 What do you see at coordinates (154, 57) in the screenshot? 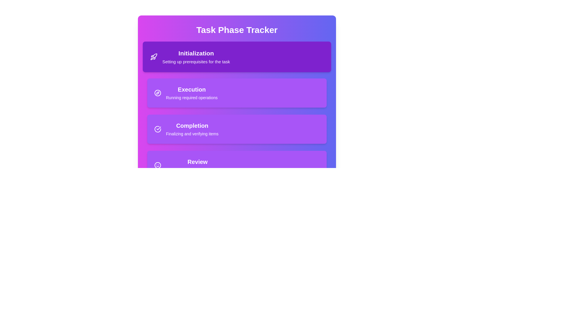
I see `the decorative rocket SVG graphic located within the purple card titled 'Initialization', which is the first item in the vertical list` at bounding box center [154, 57].